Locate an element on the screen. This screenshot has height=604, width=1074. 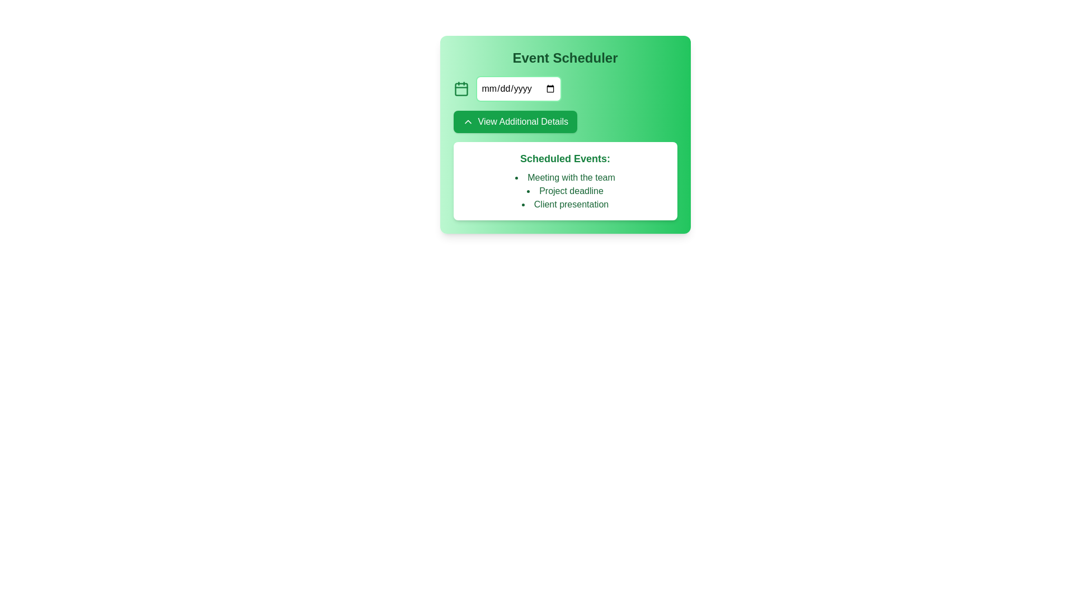
the third item in the bulleted list, which contains the text 'Client presentation' styled in green is located at coordinates (565, 205).